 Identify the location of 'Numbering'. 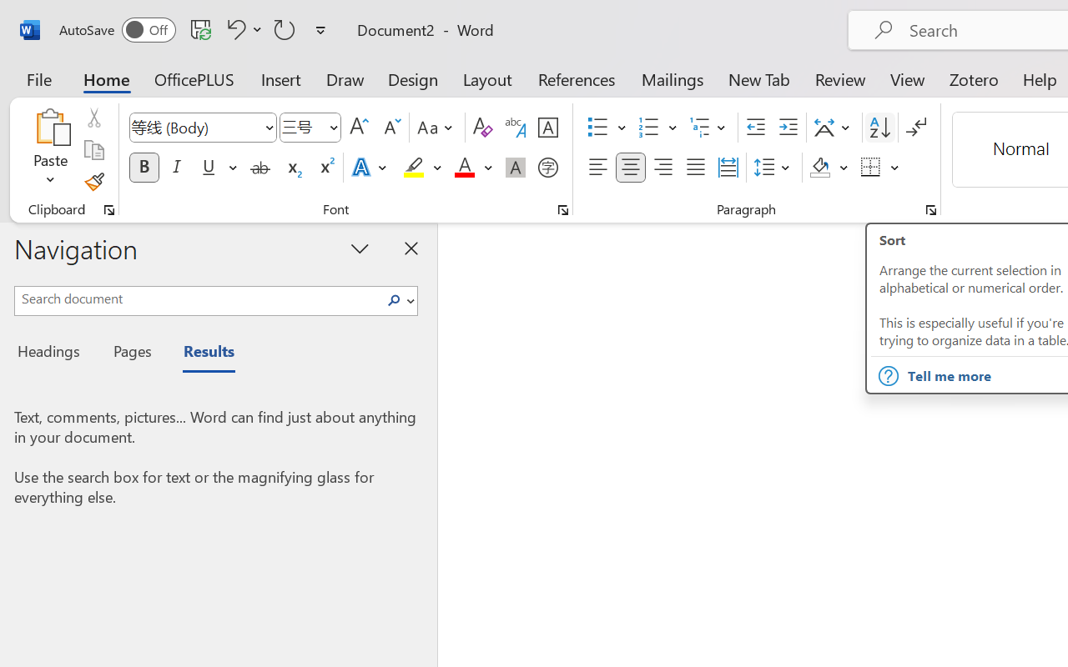
(657, 128).